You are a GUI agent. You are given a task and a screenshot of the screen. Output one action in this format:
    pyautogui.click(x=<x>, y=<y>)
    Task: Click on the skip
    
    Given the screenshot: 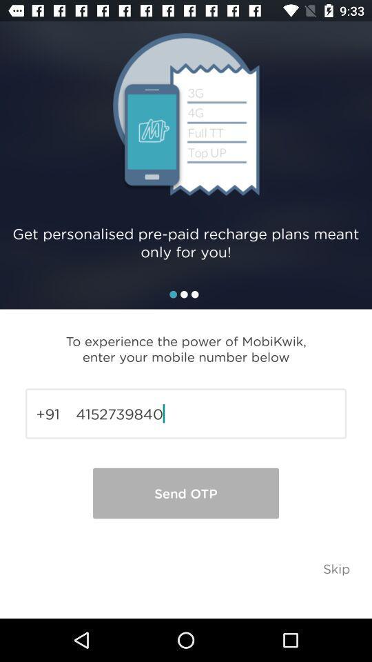 What is the action you would take?
    pyautogui.click(x=335, y=568)
    